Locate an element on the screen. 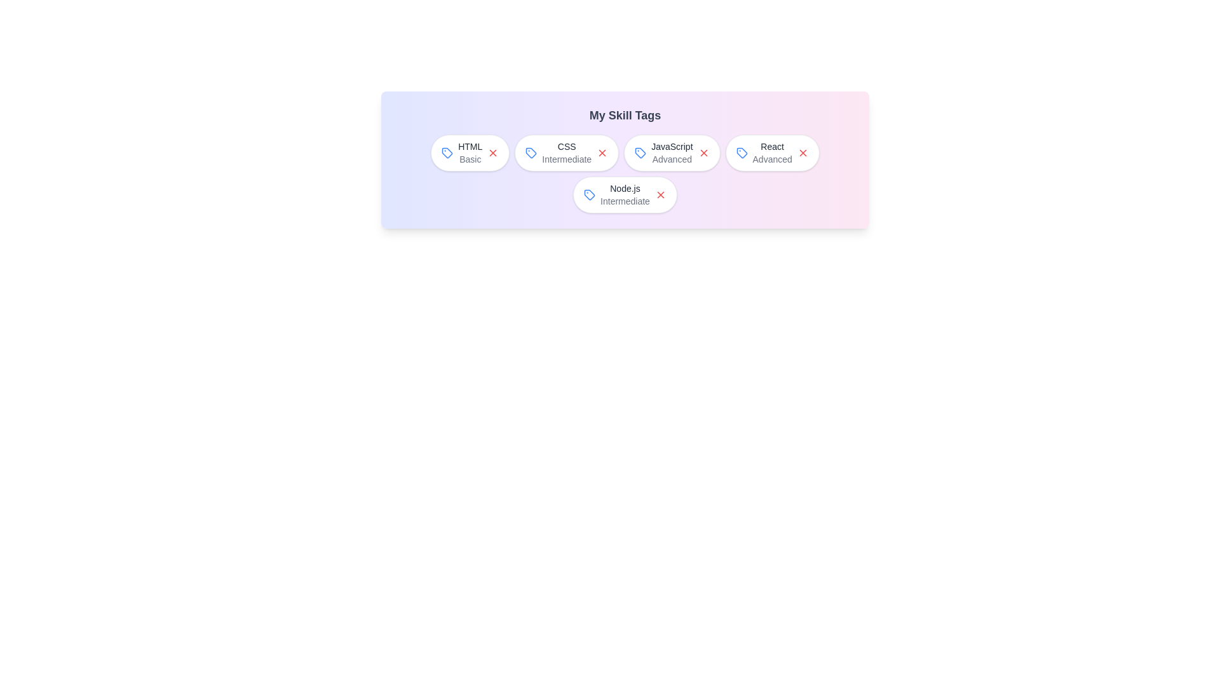 This screenshot has width=1220, height=686. close button of the skill tag with label HTML is located at coordinates (492, 152).